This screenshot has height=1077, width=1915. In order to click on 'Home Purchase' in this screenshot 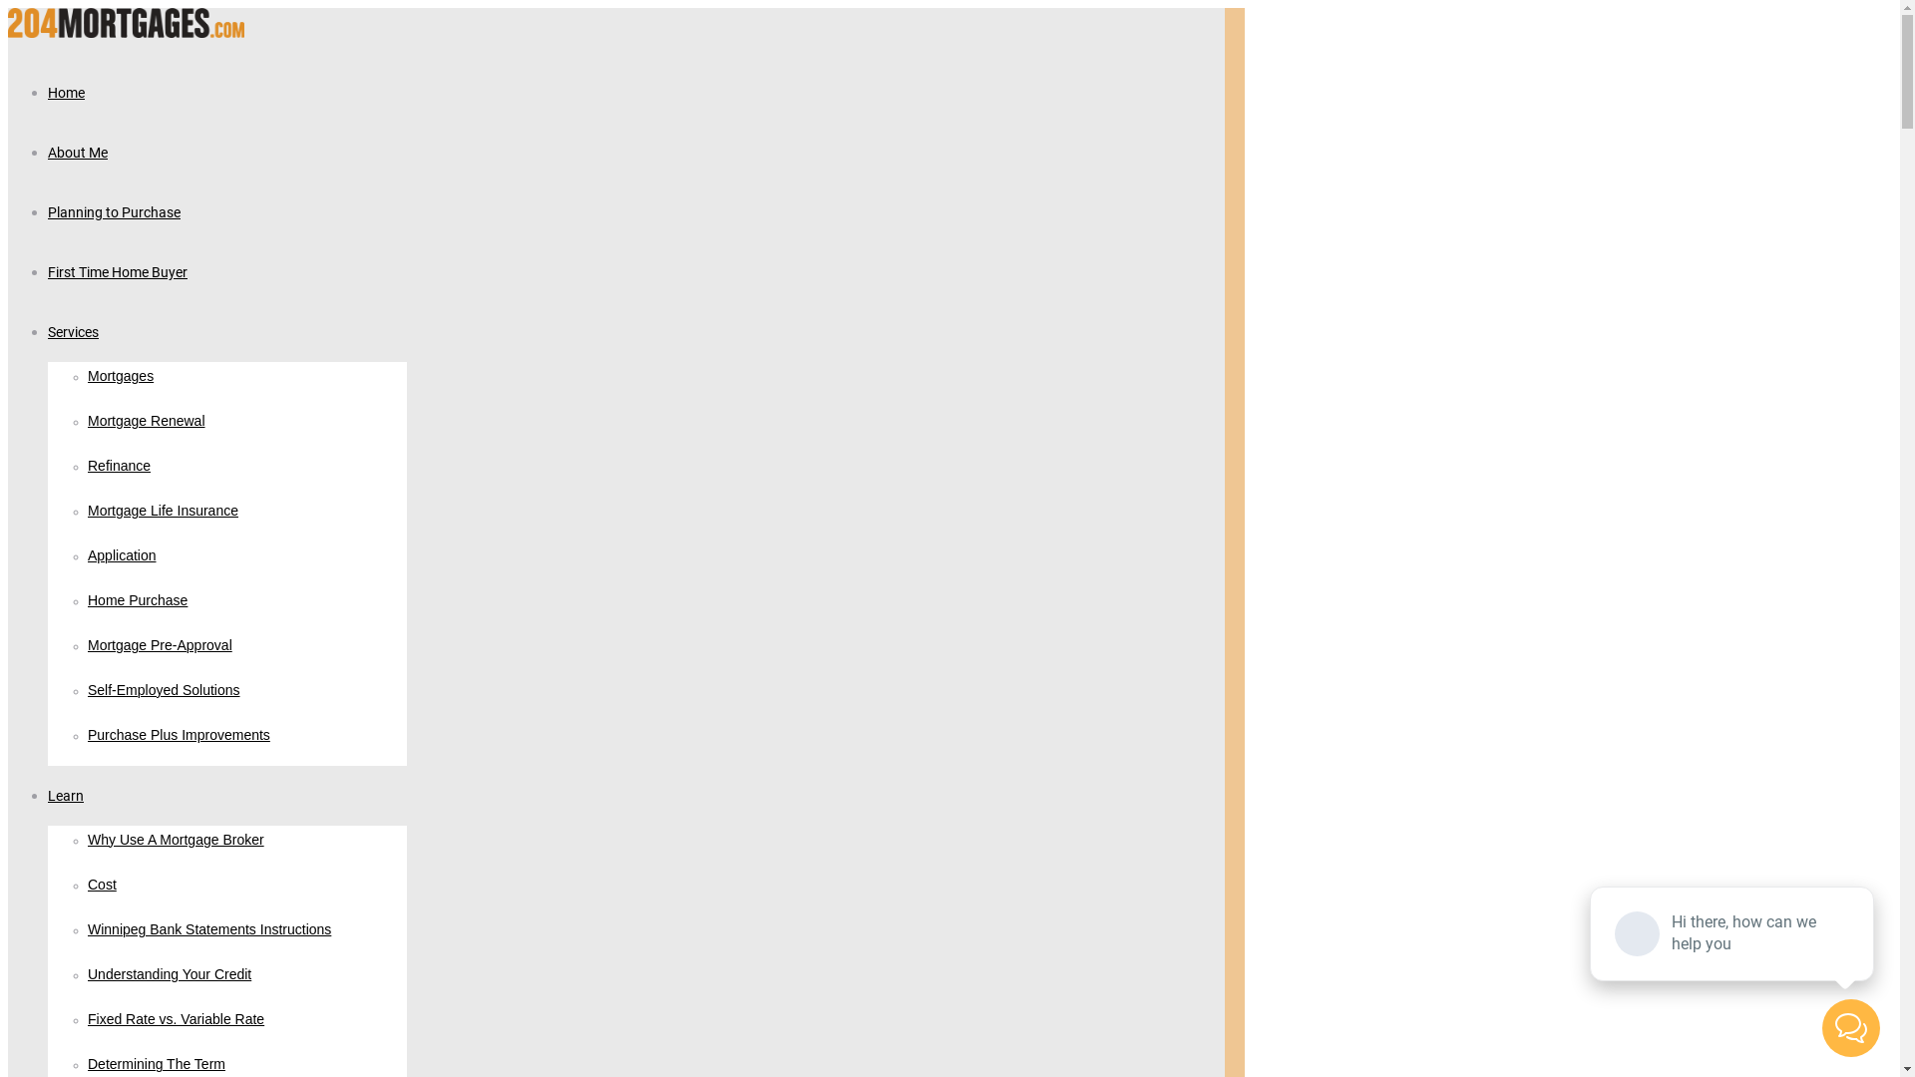, I will do `click(137, 599)`.